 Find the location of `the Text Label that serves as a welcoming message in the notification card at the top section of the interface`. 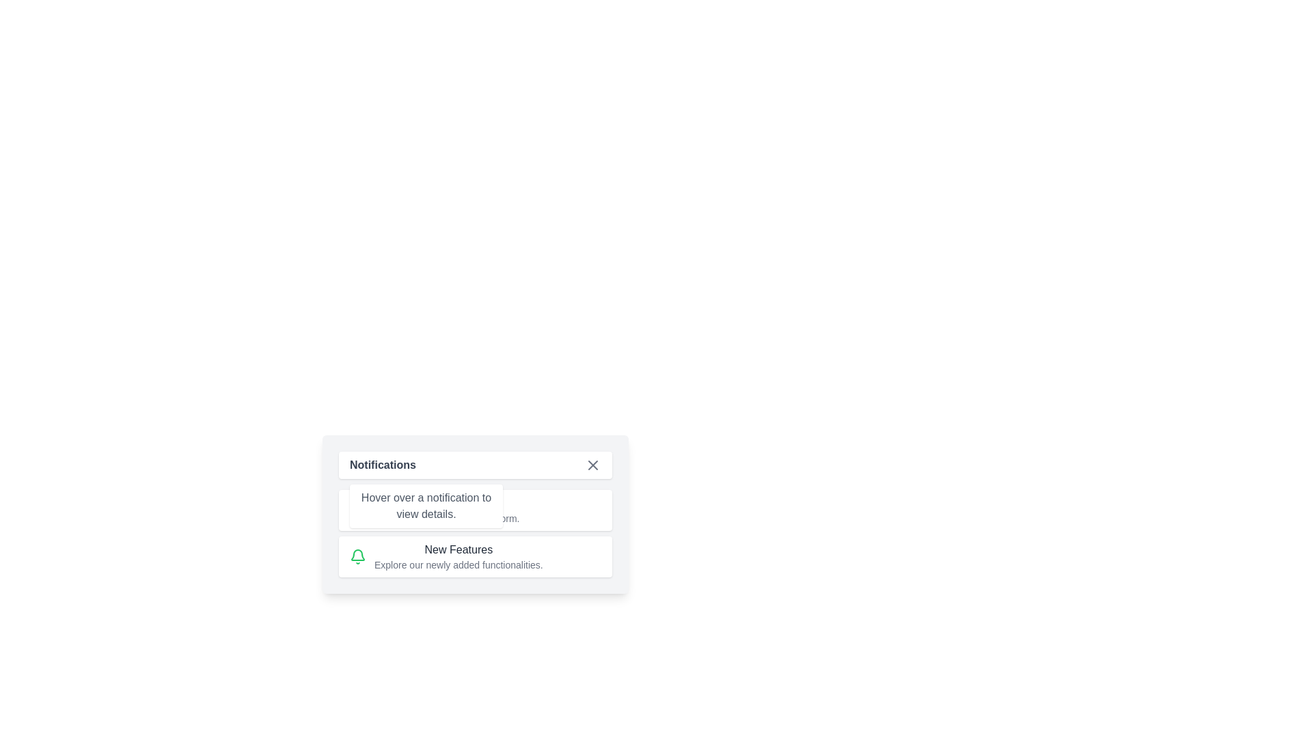

the Text Label that serves as a welcoming message in the notification card at the top section of the interface is located at coordinates (447, 503).